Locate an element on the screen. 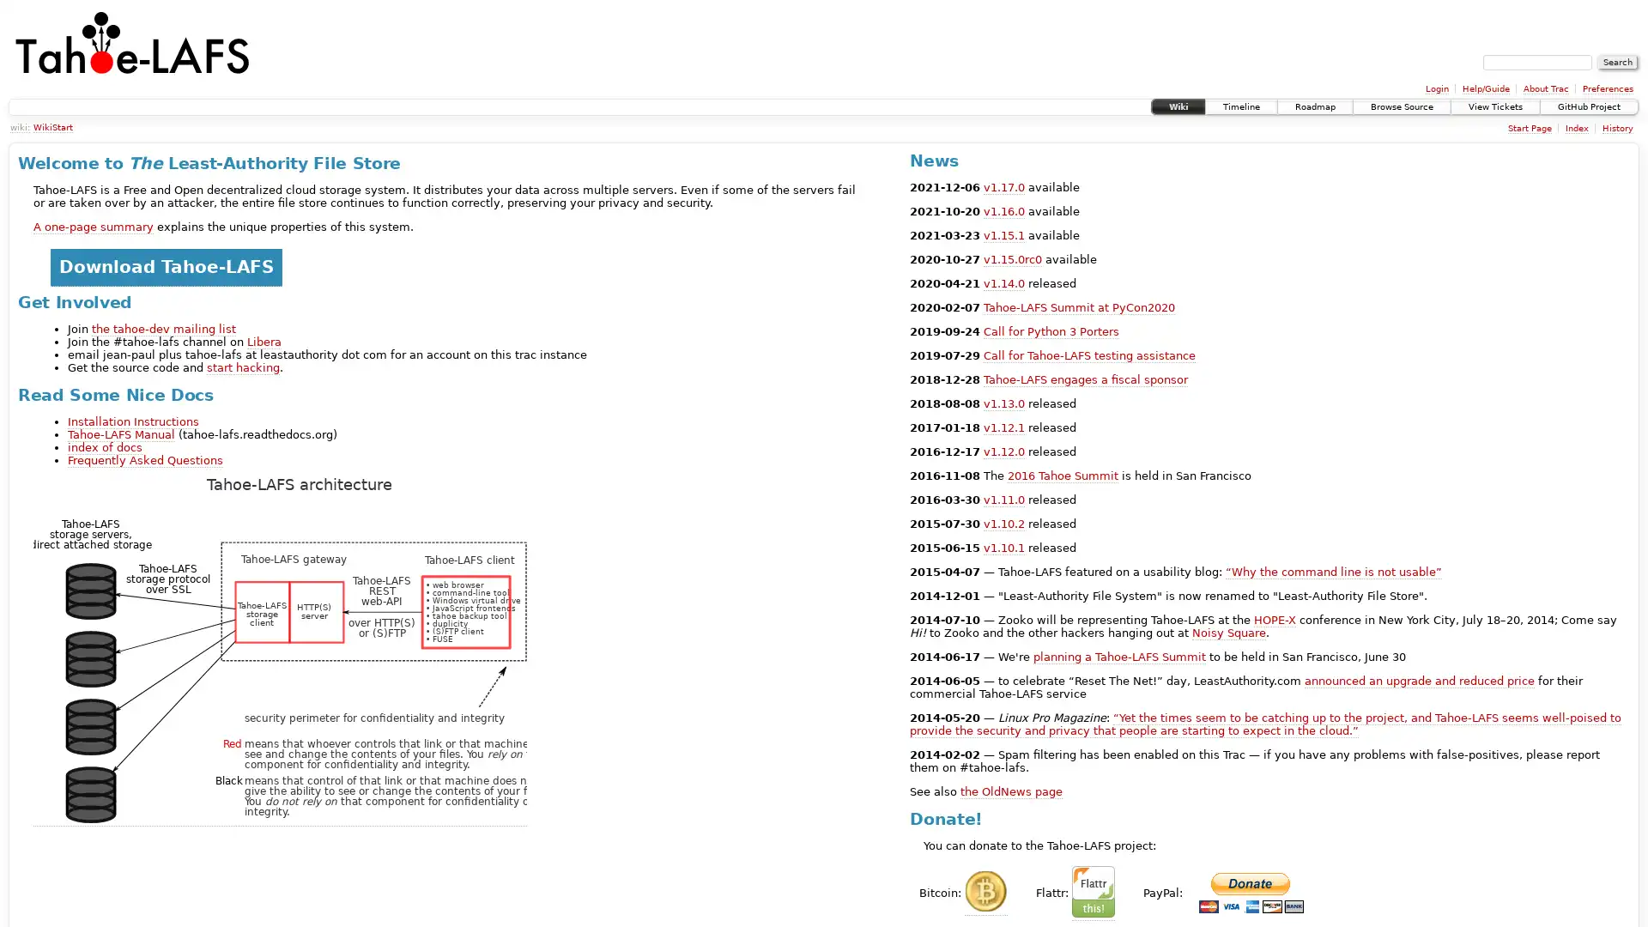 This screenshot has height=927, width=1648. PayPal - The safer, easier way to pay online! is located at coordinates (1251, 892).